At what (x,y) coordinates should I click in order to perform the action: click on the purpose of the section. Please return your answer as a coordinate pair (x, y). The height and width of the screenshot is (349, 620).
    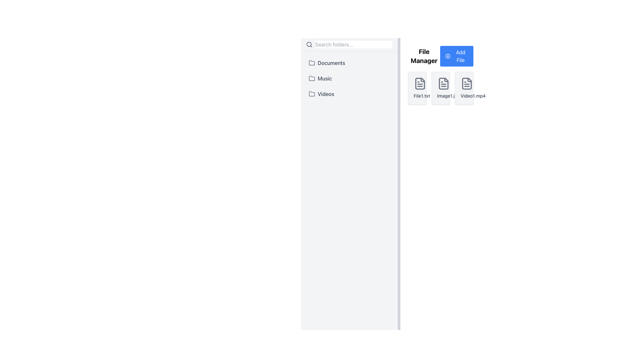
    Looking at the image, I should click on (440, 56).